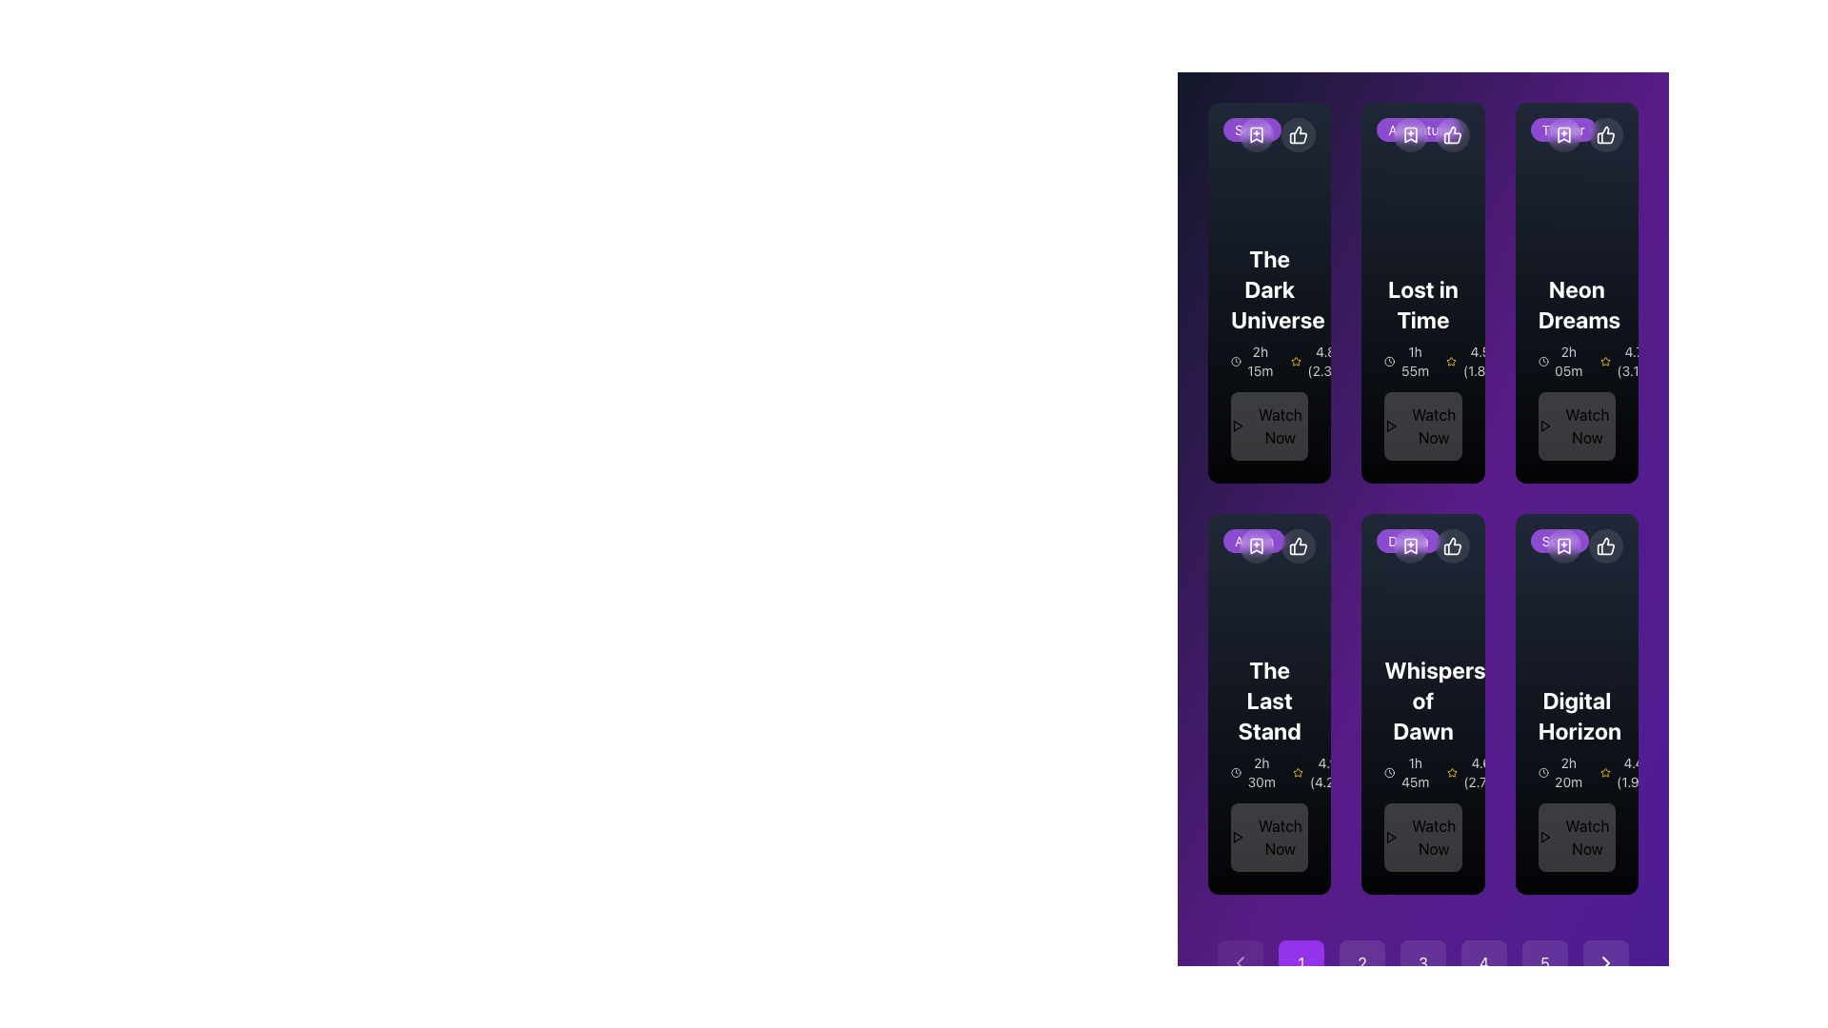 This screenshot has height=1028, width=1828. I want to click on the category, so click(1420, 128).